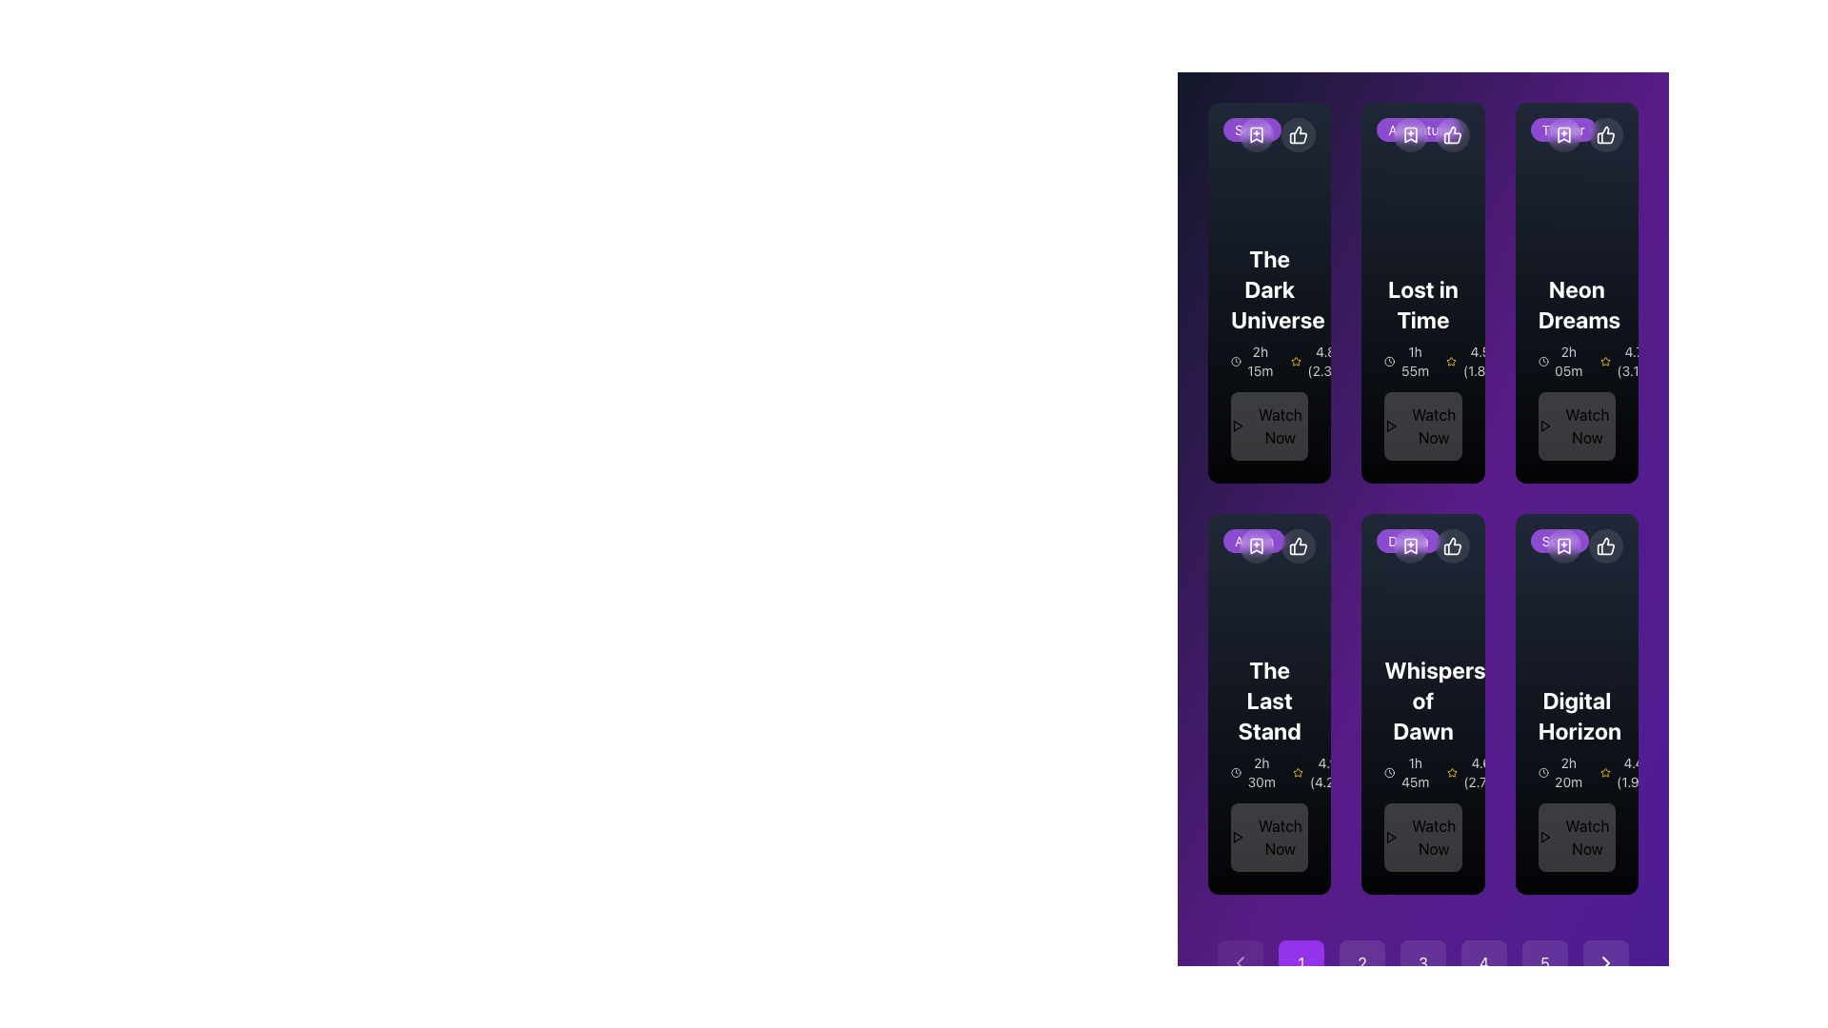 This screenshot has height=1028, width=1828. I want to click on the category, so click(1420, 128).